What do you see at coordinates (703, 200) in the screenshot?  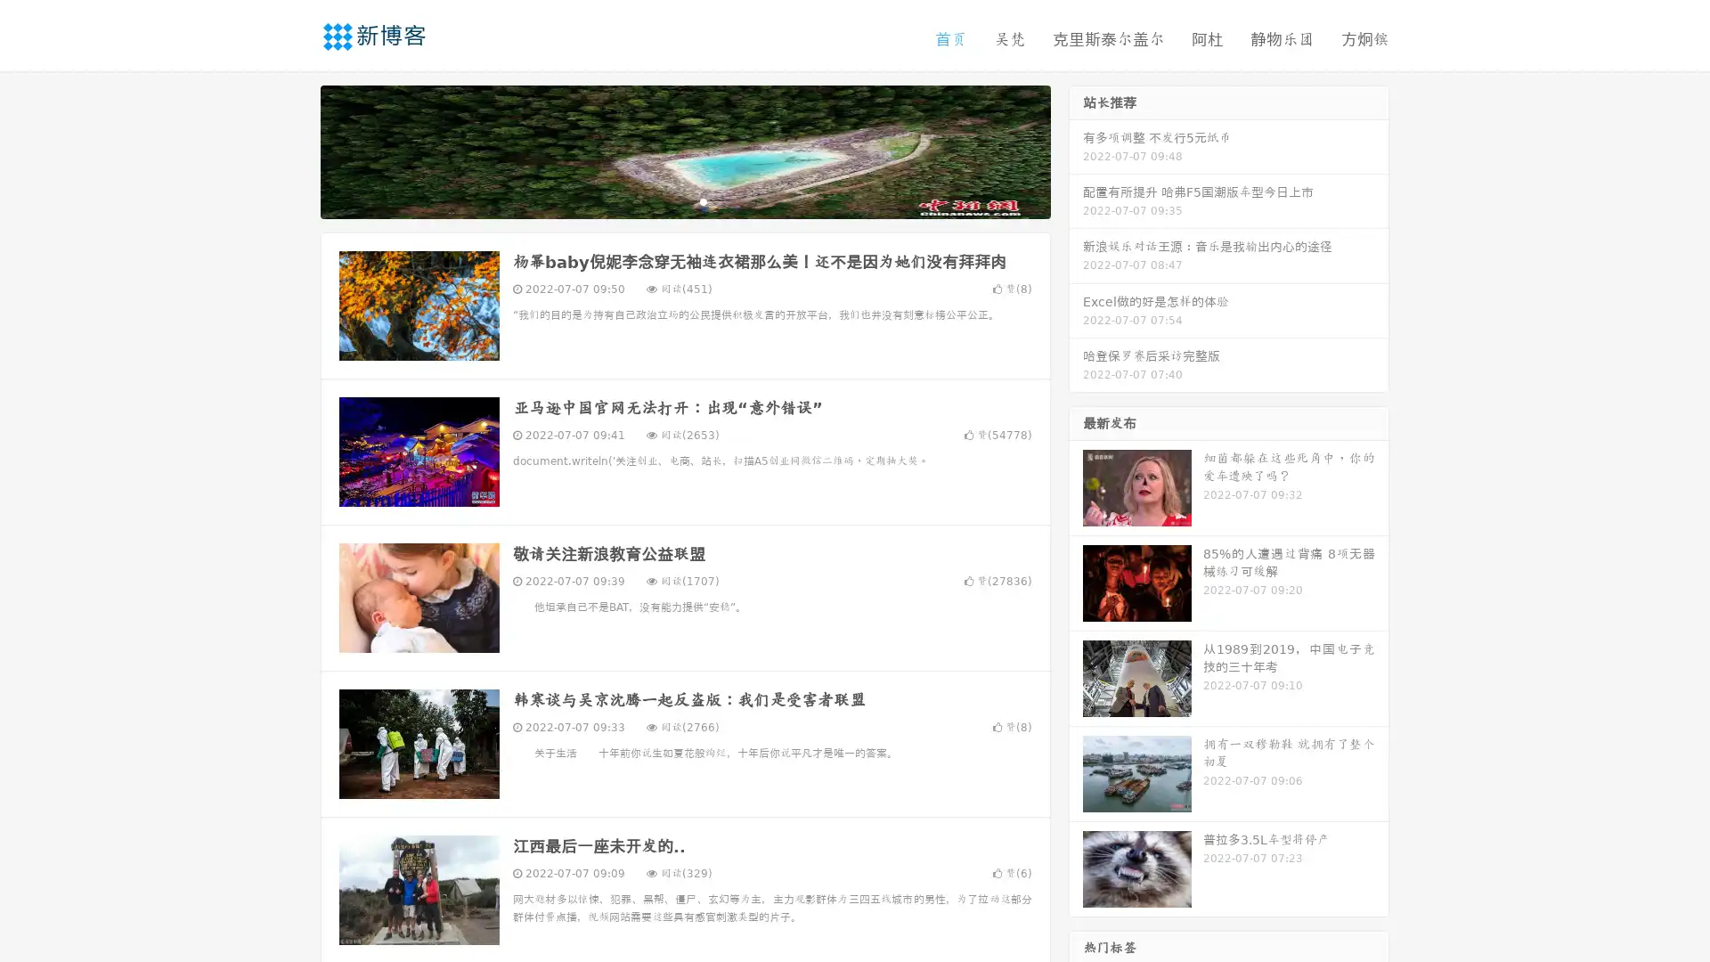 I see `Go to slide 3` at bounding box center [703, 200].